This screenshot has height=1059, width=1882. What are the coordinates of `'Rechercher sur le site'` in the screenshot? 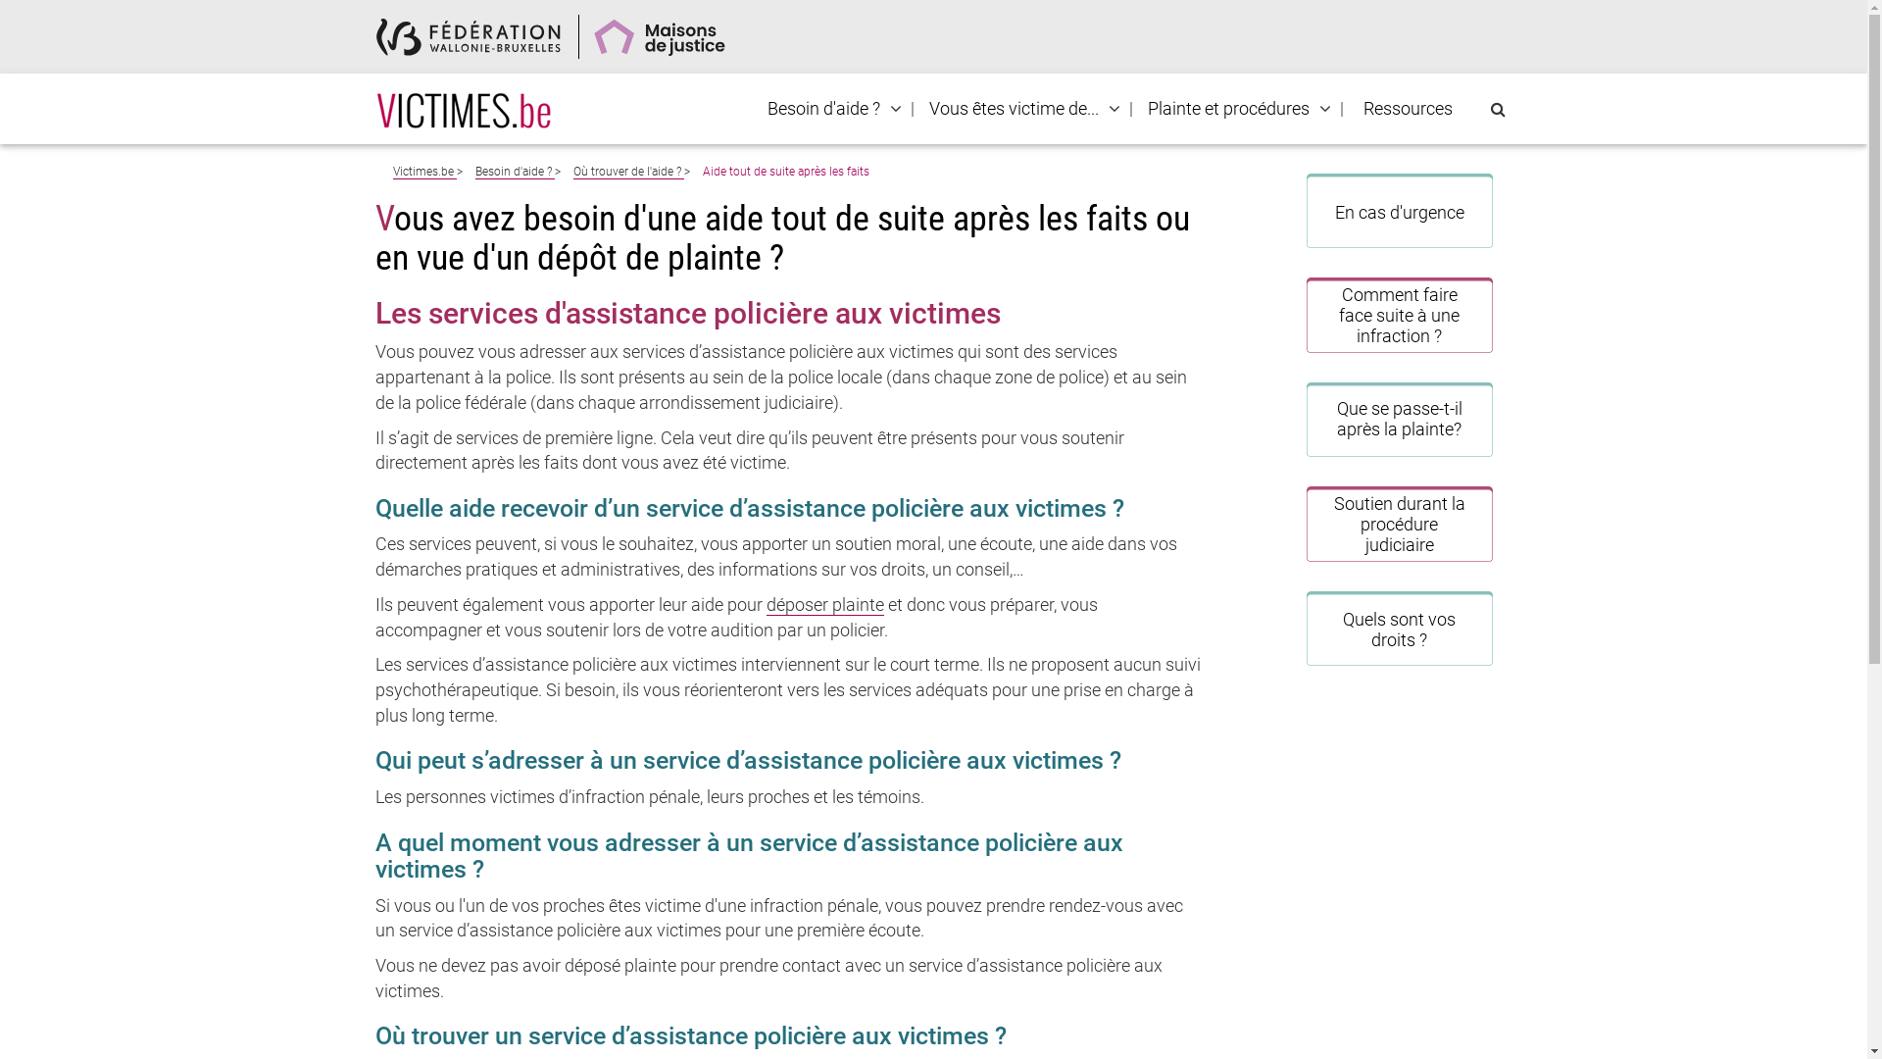 It's located at (1496, 109).